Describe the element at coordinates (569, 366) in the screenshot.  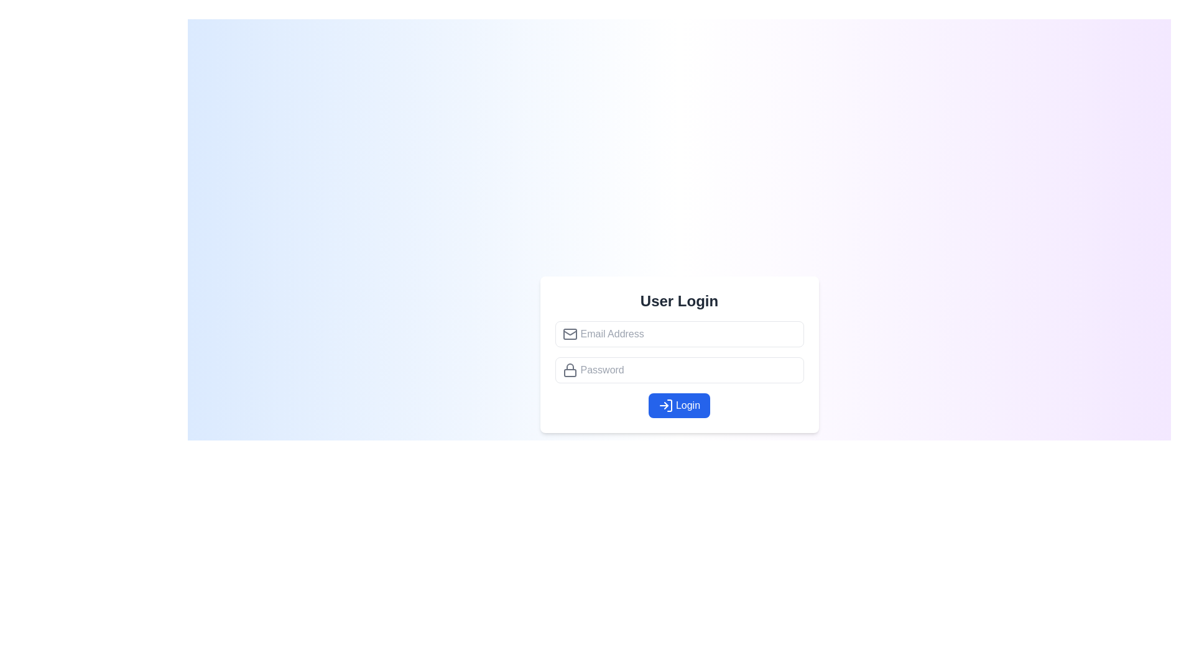
I see `the upper part of the padlock icon, which visually represents security in the login form, next to the password input field` at that location.